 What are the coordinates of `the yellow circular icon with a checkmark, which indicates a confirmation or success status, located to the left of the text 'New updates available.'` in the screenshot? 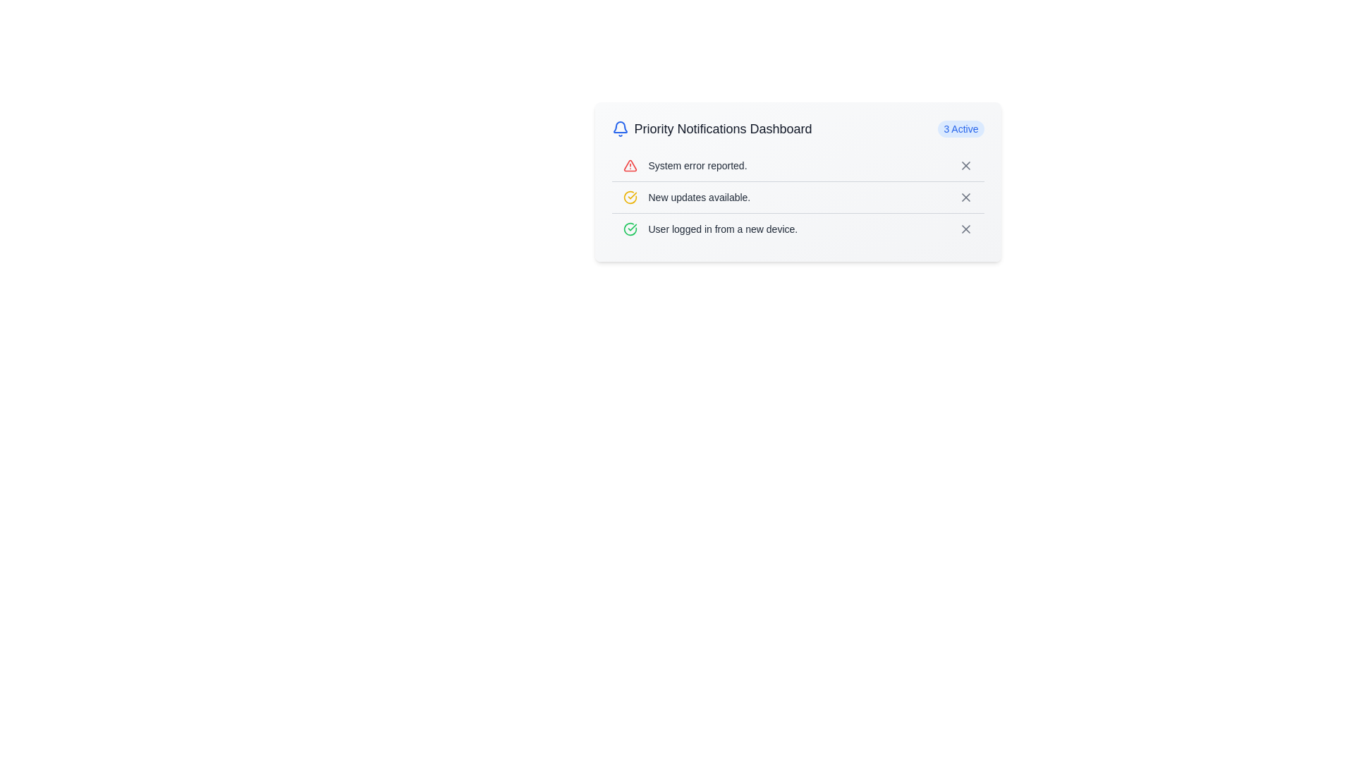 It's located at (629, 198).